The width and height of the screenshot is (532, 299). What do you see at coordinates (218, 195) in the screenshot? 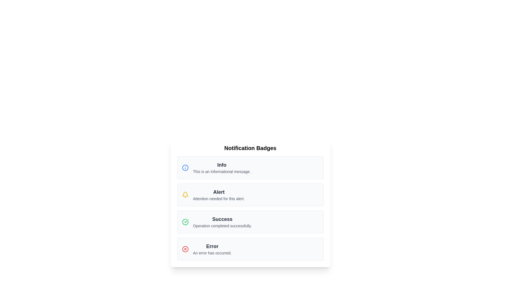
I see `the text display component featuring a bolded title 'Alert' and descriptive text 'Attention needed for this alert.'` at bounding box center [218, 195].